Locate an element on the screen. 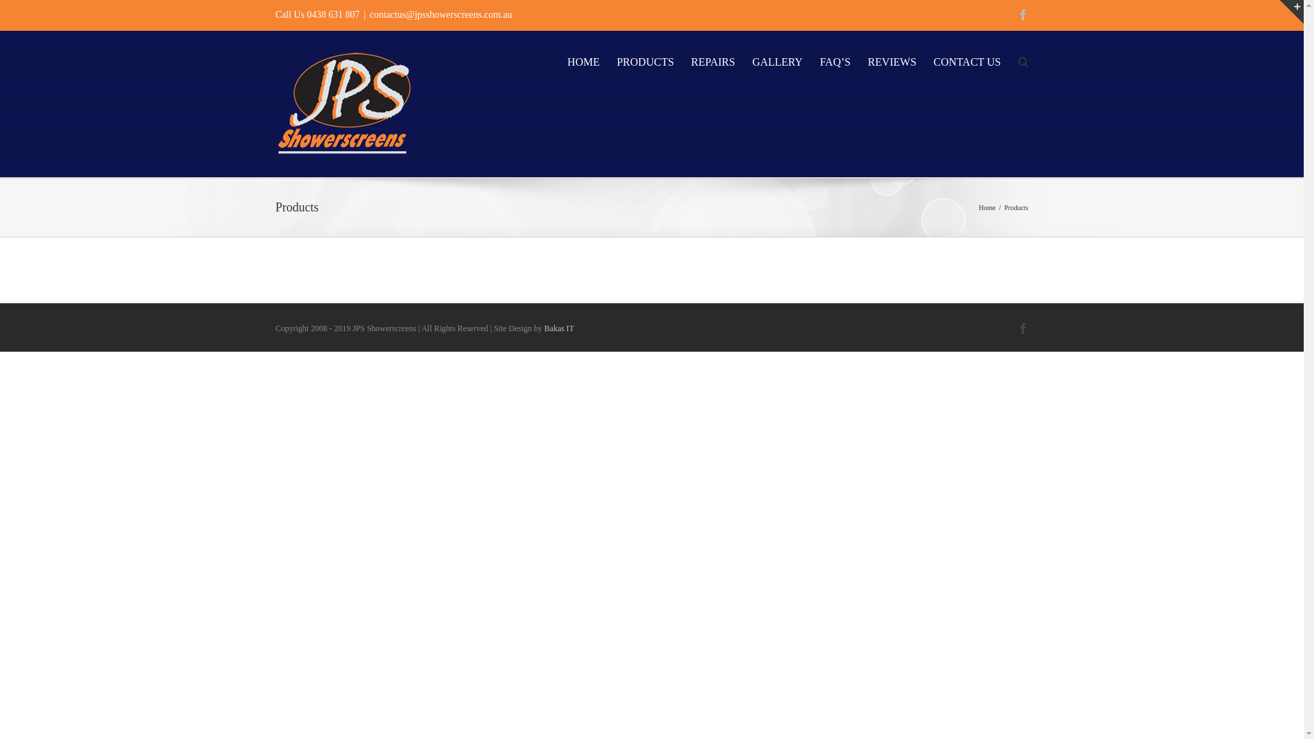 The image size is (1314, 739). 'PRODUCTS' is located at coordinates (616, 60).